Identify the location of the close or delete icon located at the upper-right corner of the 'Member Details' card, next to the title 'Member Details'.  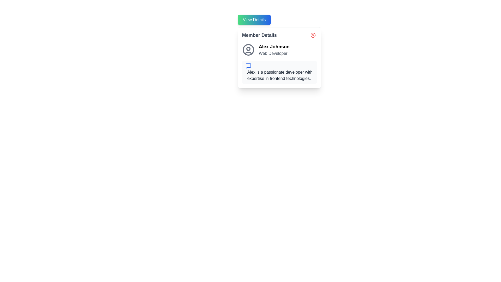
(313, 35).